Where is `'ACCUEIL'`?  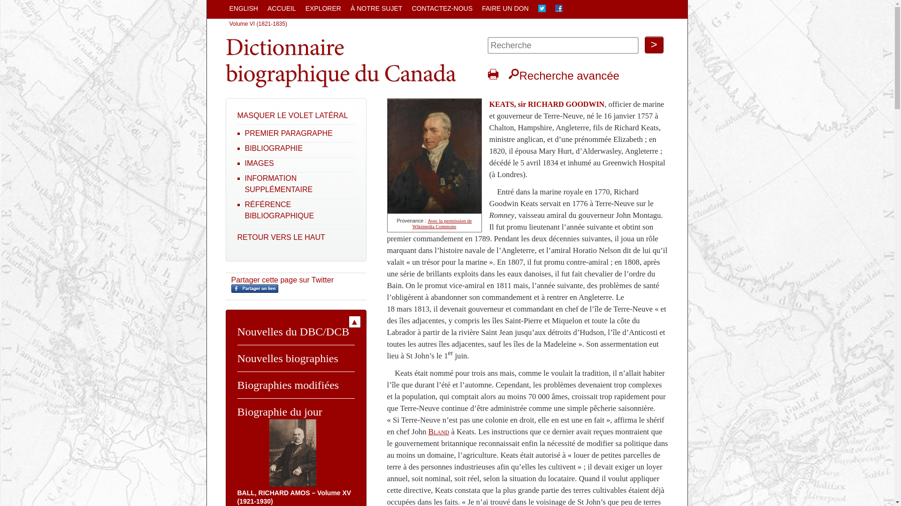 'ACCUEIL' is located at coordinates (281, 8).